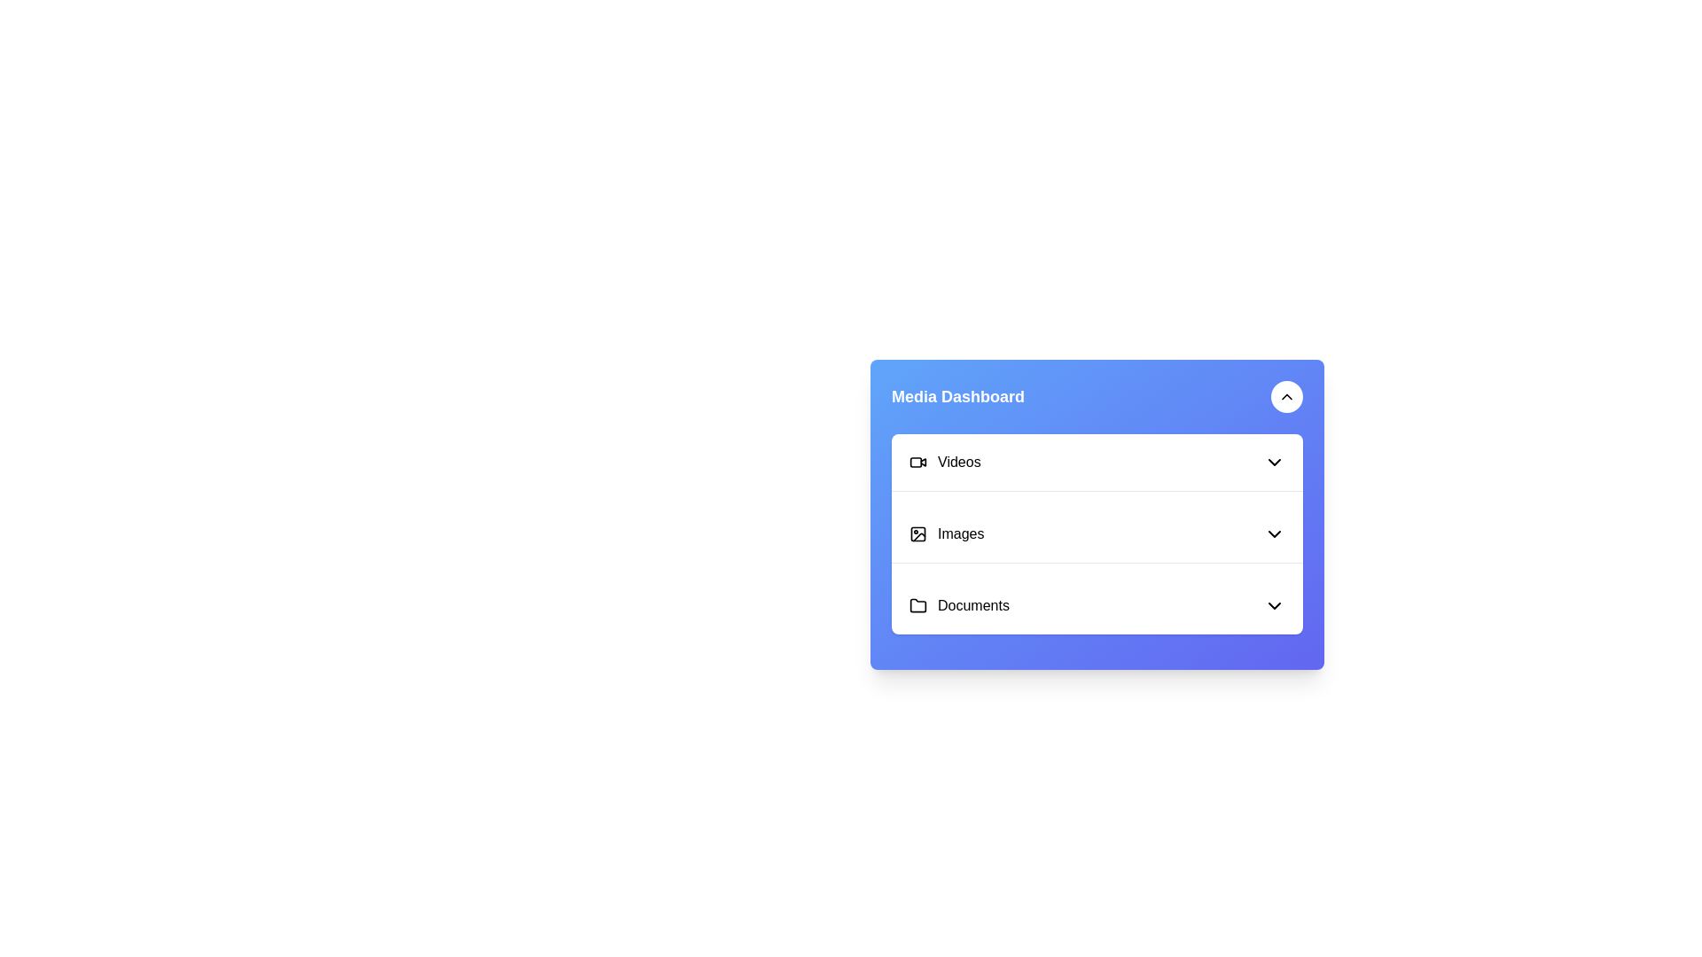  What do you see at coordinates (946, 533) in the screenshot?
I see `the second item in the vertical list of the 'Media Dashboard' card` at bounding box center [946, 533].